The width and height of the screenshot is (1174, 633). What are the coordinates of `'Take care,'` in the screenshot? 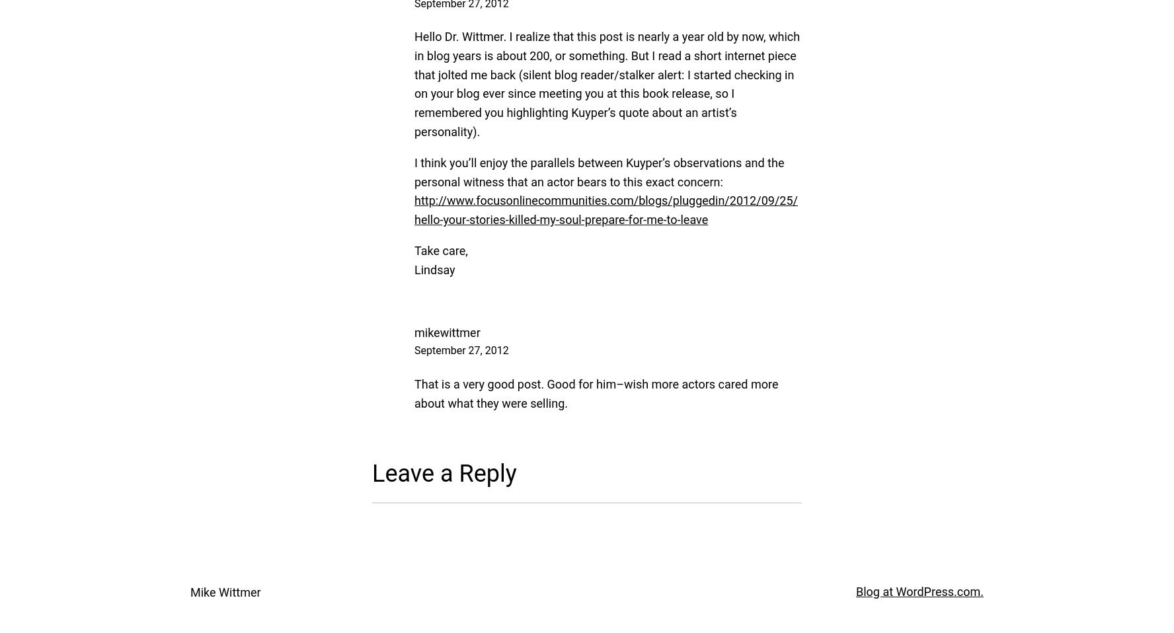 It's located at (441, 250).